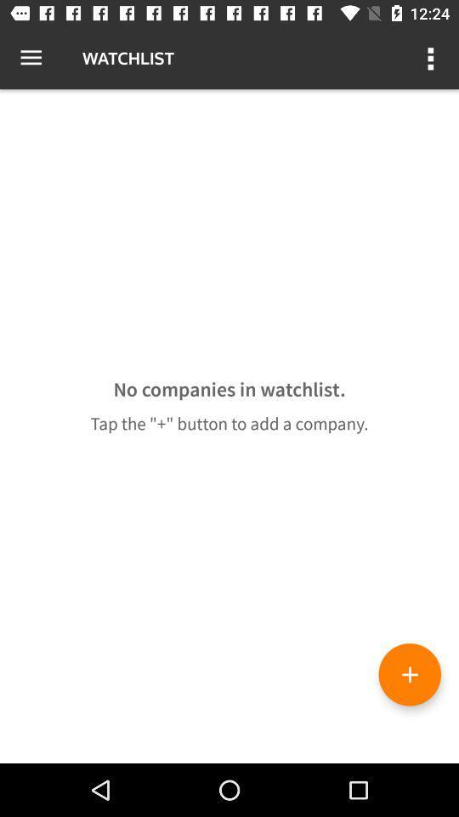 The image size is (459, 817). I want to click on the add icon, so click(409, 674).